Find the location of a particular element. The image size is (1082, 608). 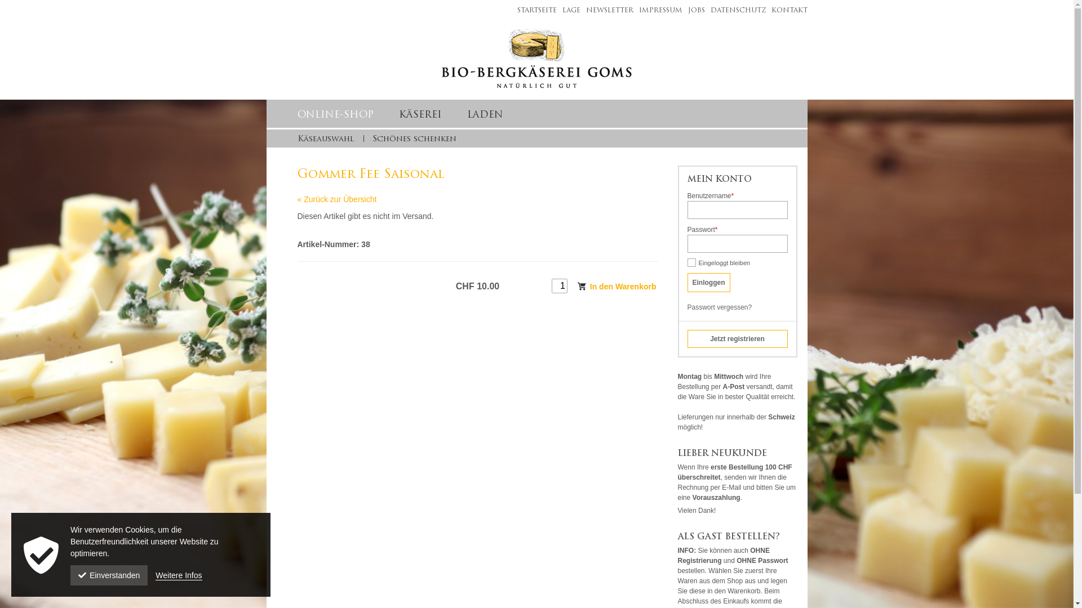

'KONTAKT' is located at coordinates (786, 11).